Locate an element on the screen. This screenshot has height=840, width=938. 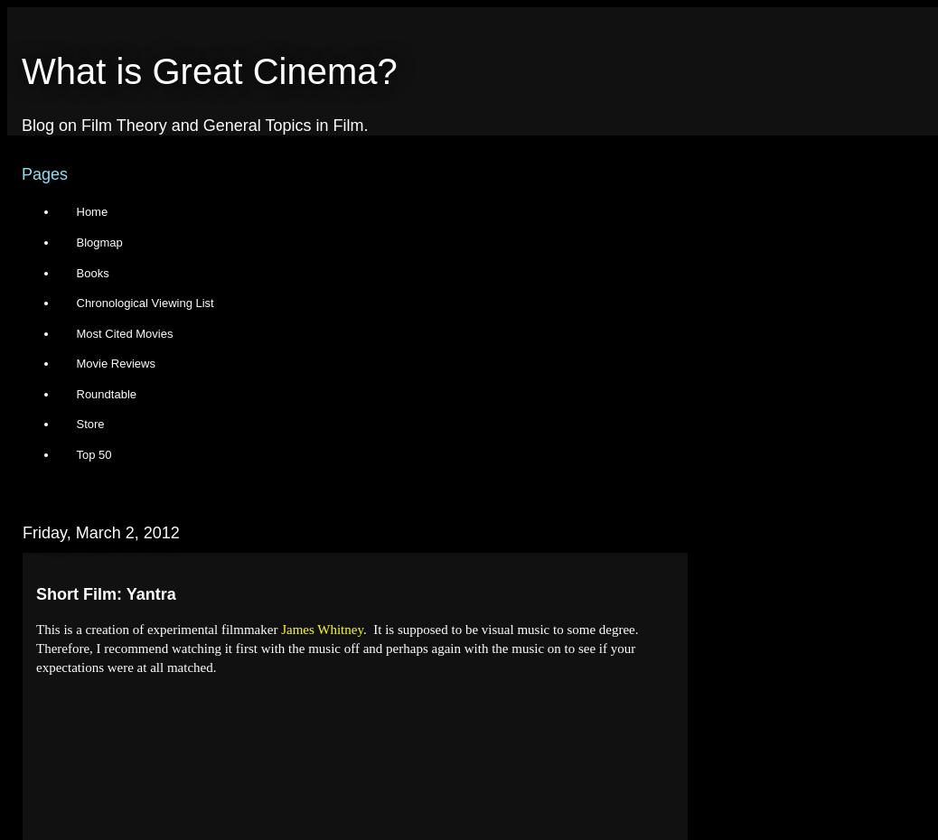
'What is Great Cinema?' is located at coordinates (208, 70).